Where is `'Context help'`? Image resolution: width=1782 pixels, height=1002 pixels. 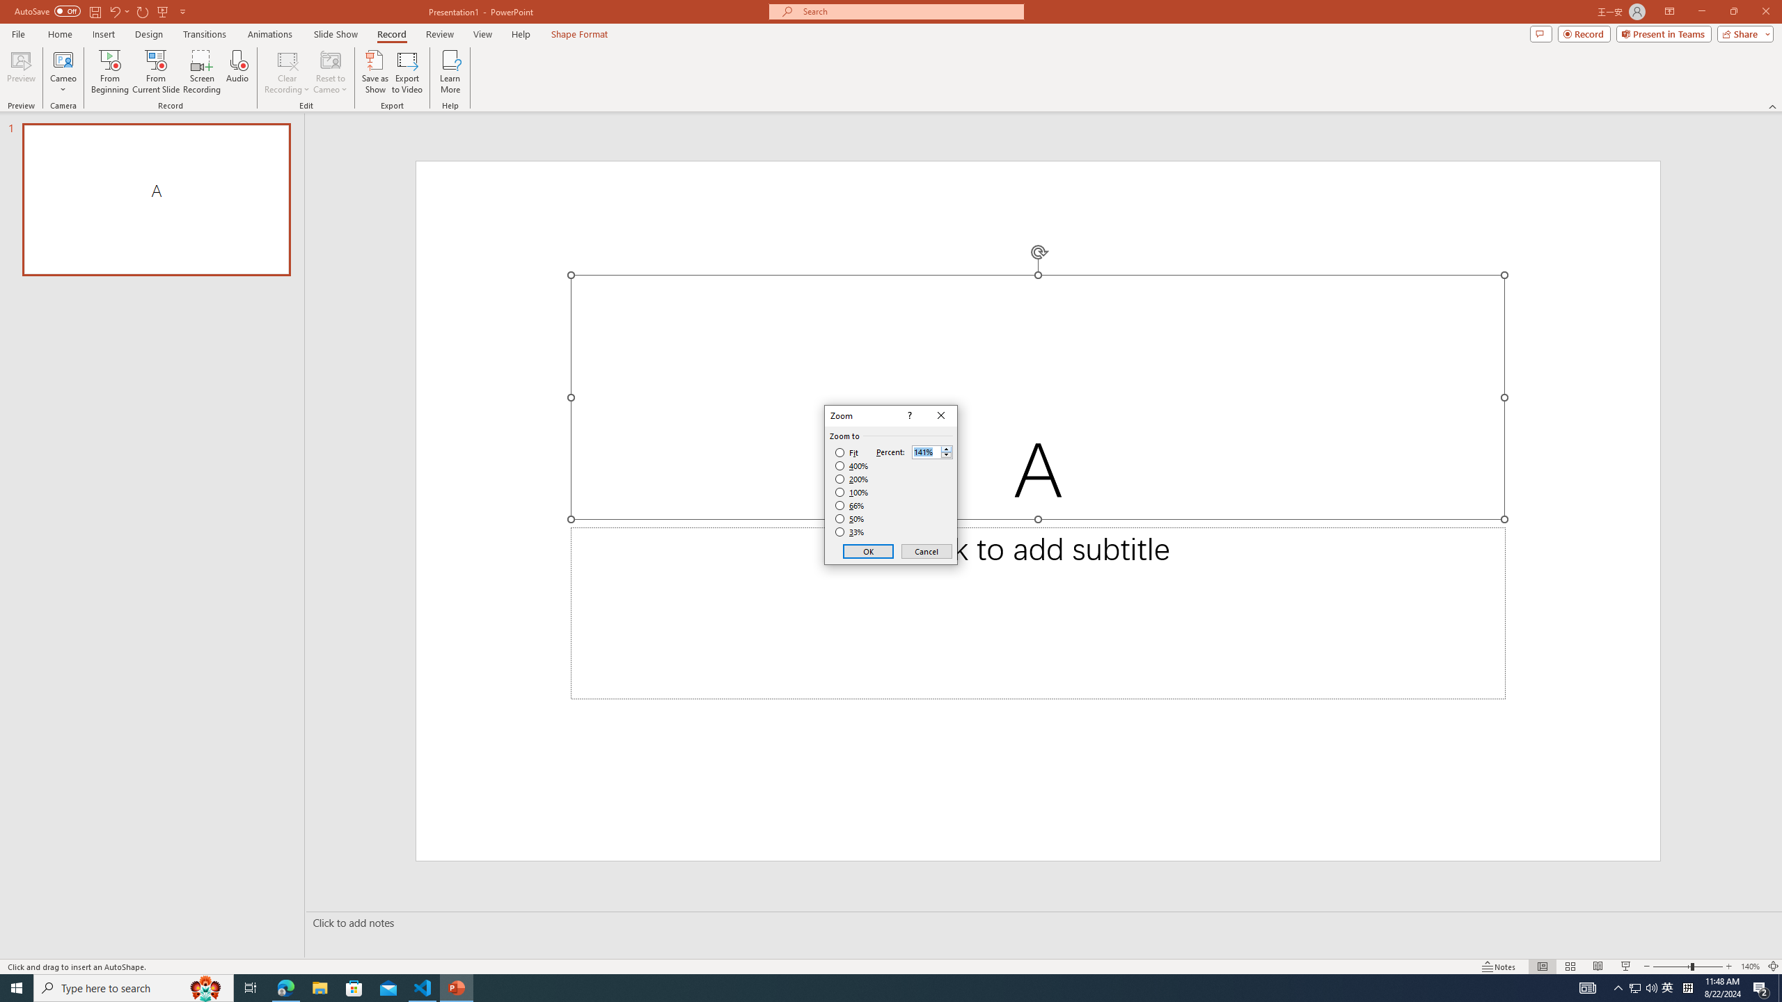 'Context help' is located at coordinates (908, 415).